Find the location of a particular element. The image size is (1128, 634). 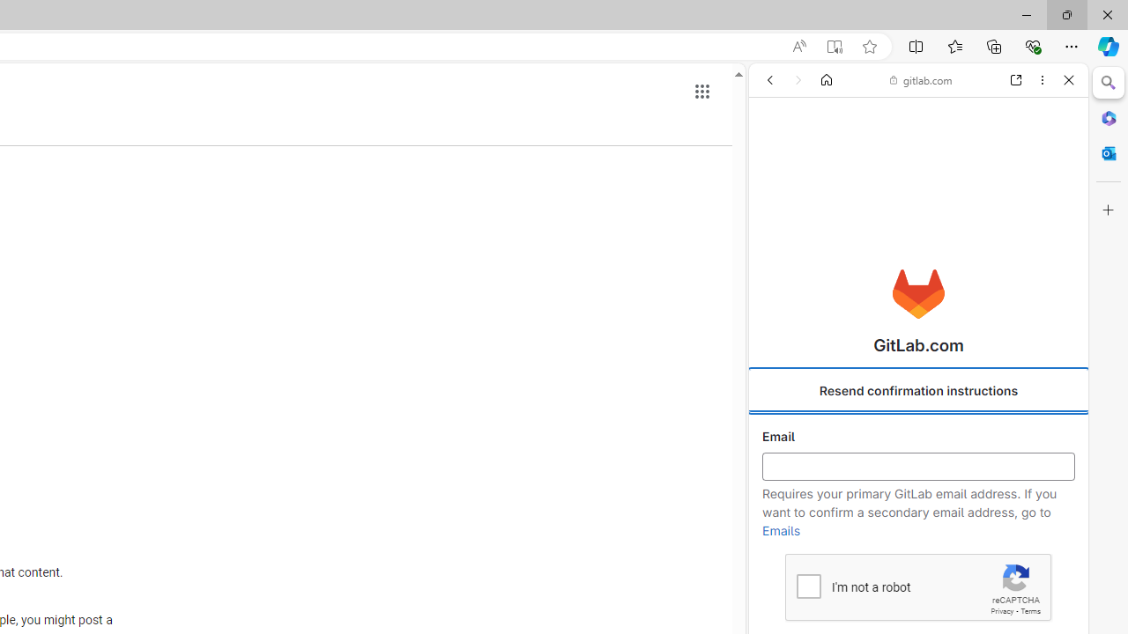

'About GitLab' is located at coordinates (917, 520).